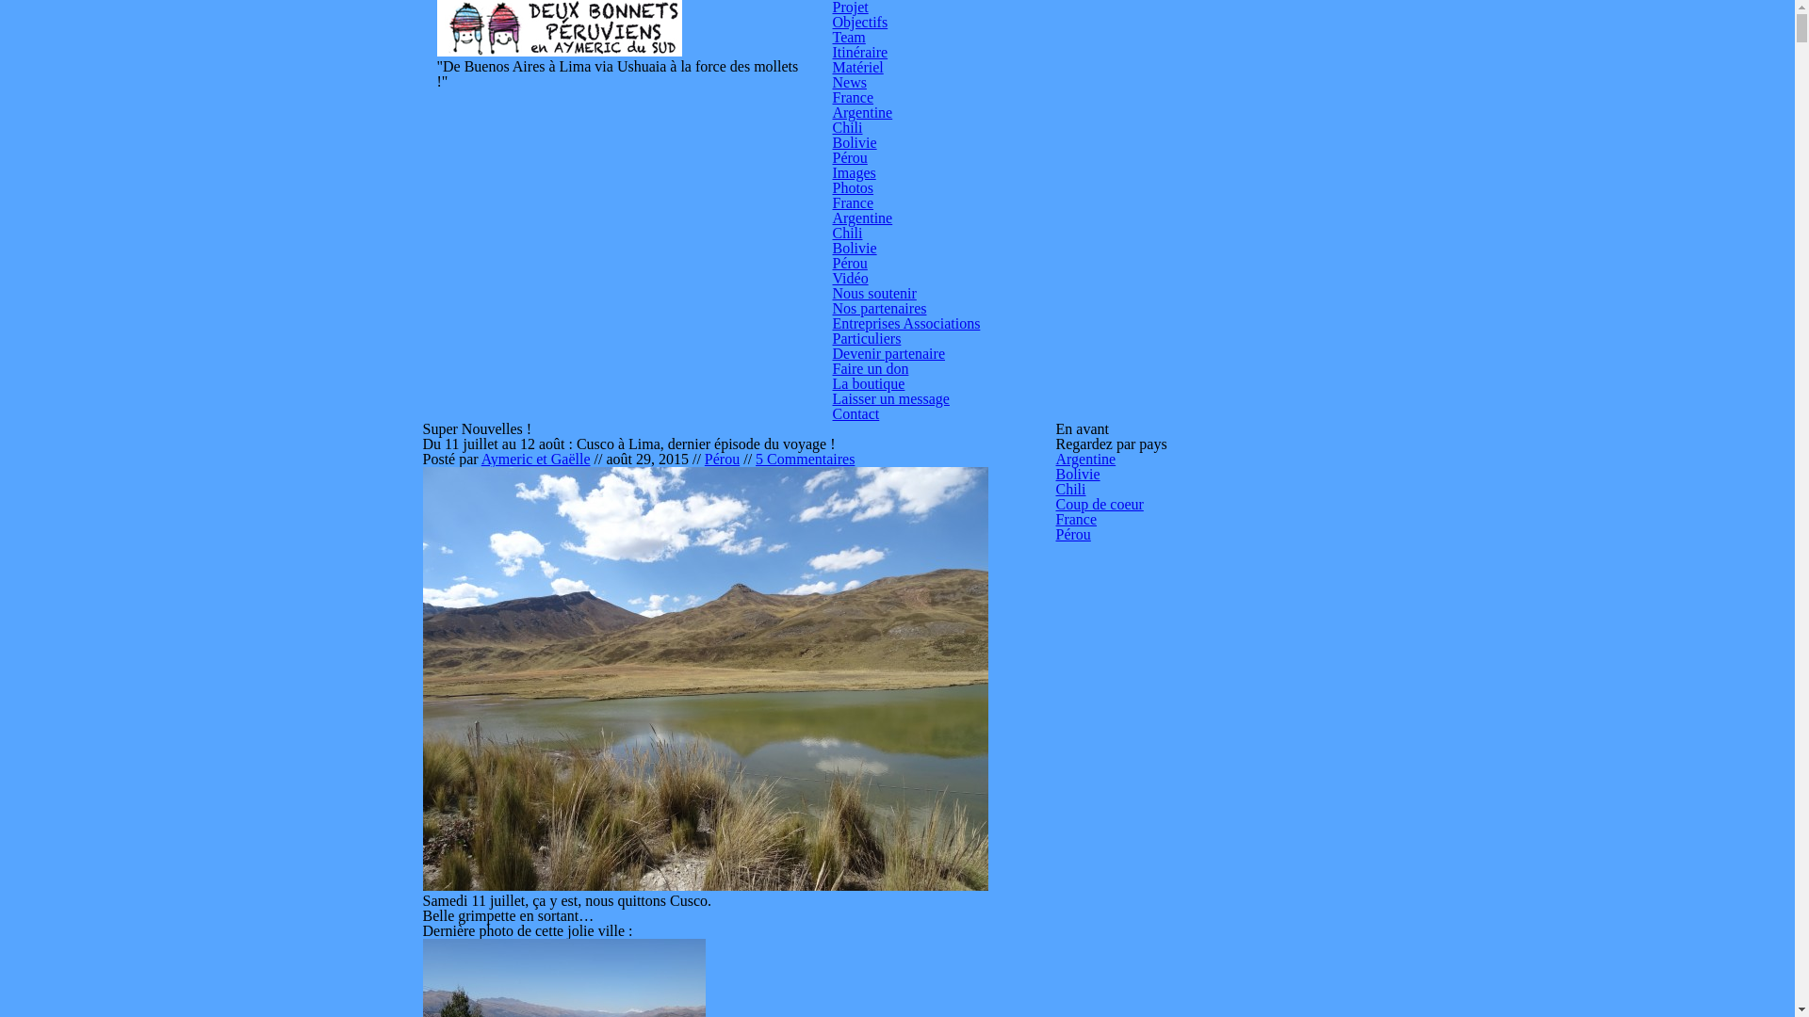  Describe the element at coordinates (859, 22) in the screenshot. I see `'Objectifs'` at that location.